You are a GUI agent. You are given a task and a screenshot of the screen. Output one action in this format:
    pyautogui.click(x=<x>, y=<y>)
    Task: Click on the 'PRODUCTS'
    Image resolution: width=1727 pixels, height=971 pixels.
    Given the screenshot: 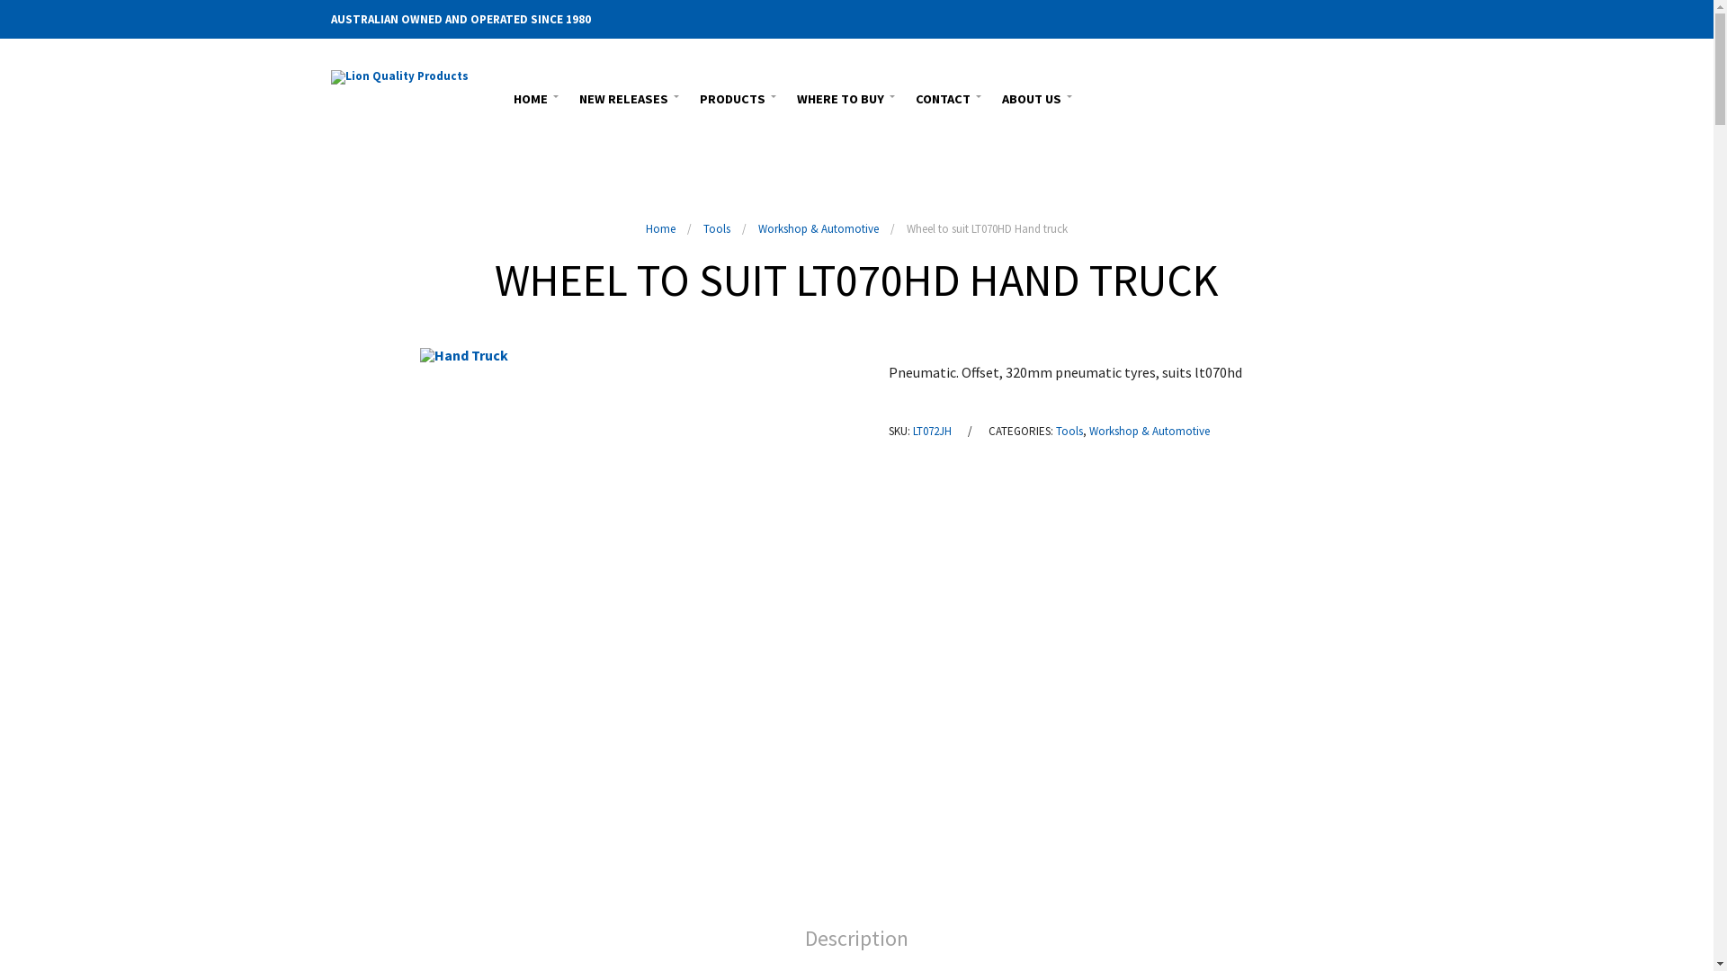 What is the action you would take?
    pyautogui.click(x=734, y=96)
    